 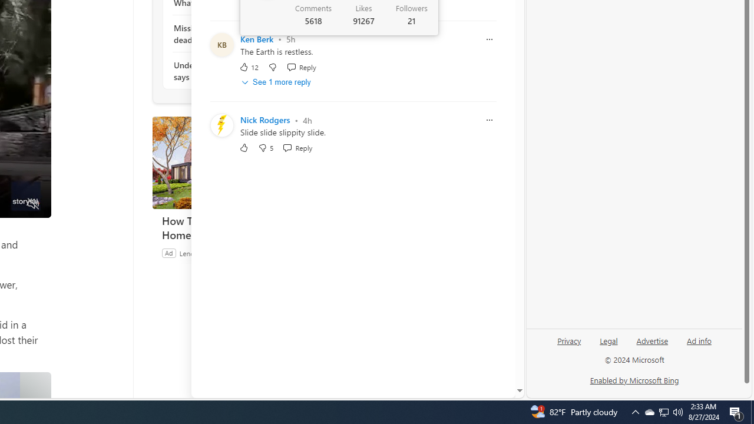 I want to click on 'Report comment', so click(x=490, y=120).